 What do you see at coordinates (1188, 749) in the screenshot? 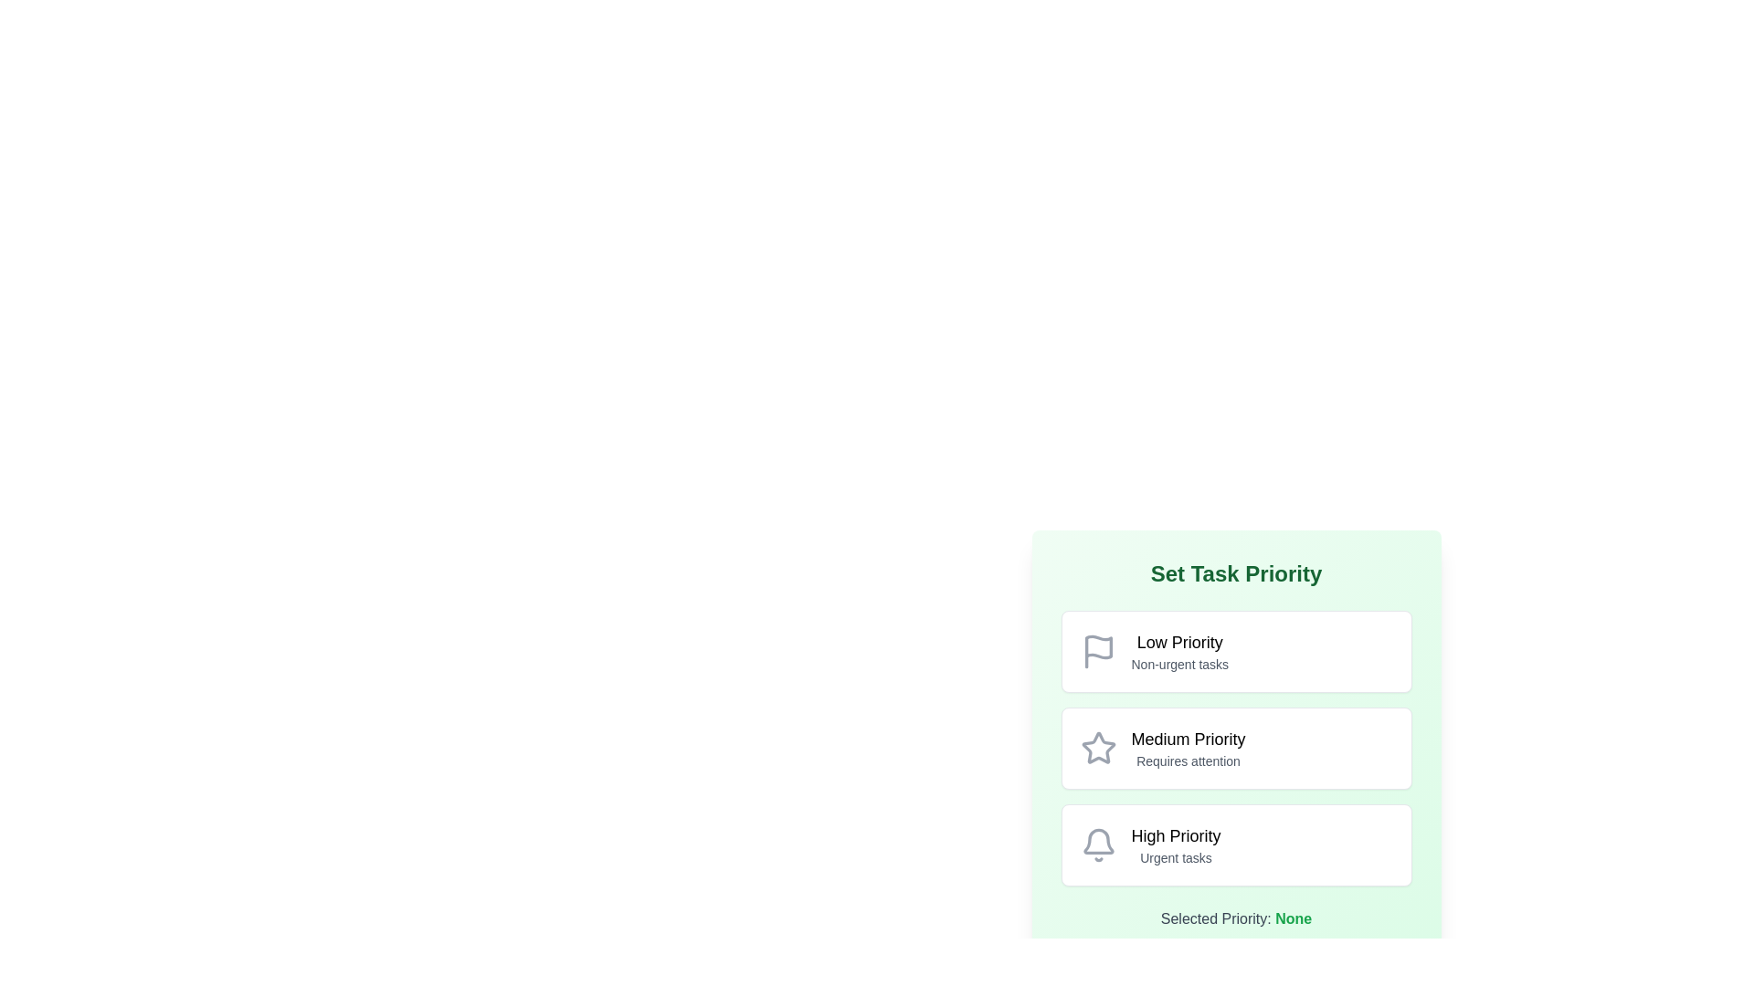
I see `the 'Medium Priority' text-label element` at bounding box center [1188, 749].